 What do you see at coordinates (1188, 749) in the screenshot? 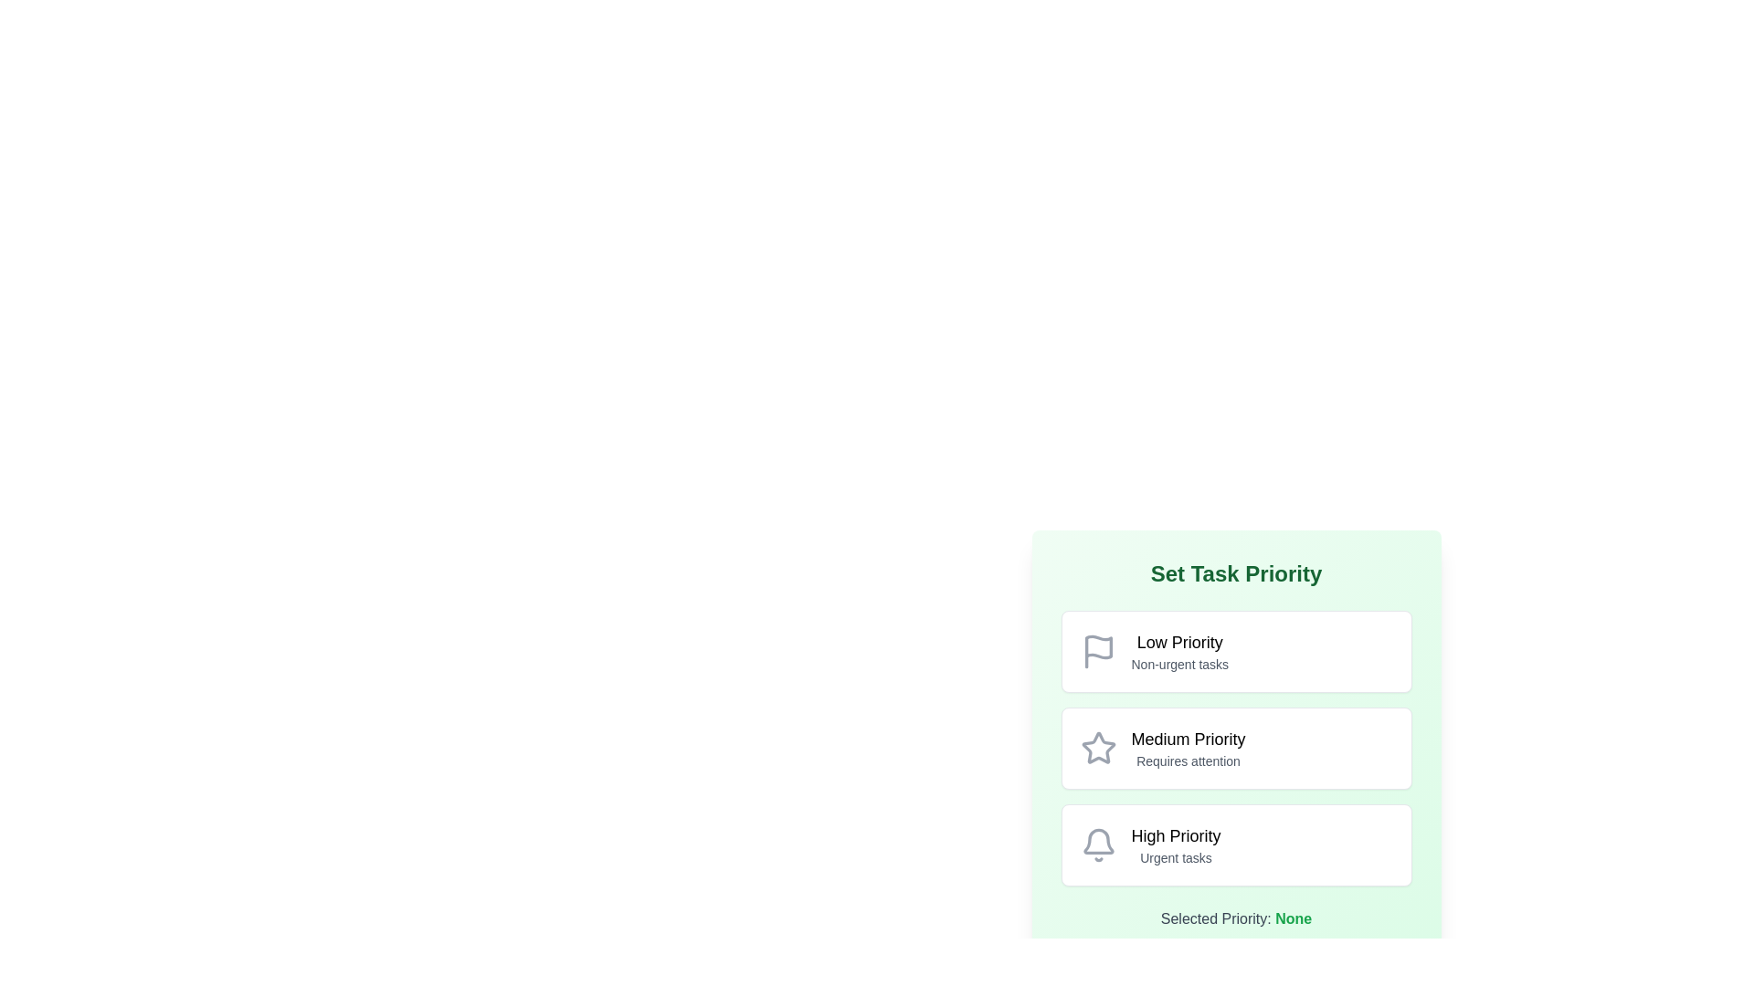
I see `the 'Medium Priority' text-label element` at bounding box center [1188, 749].